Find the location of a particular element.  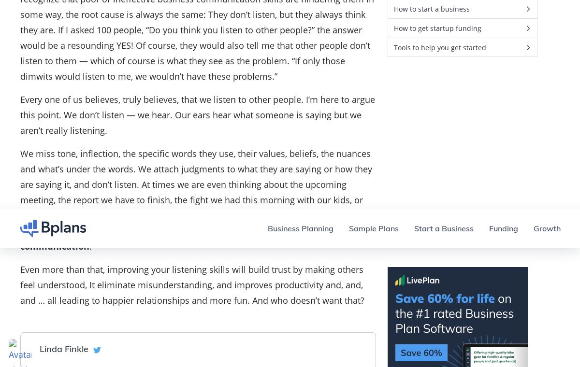

'Blog' is located at coordinates (391, 45).